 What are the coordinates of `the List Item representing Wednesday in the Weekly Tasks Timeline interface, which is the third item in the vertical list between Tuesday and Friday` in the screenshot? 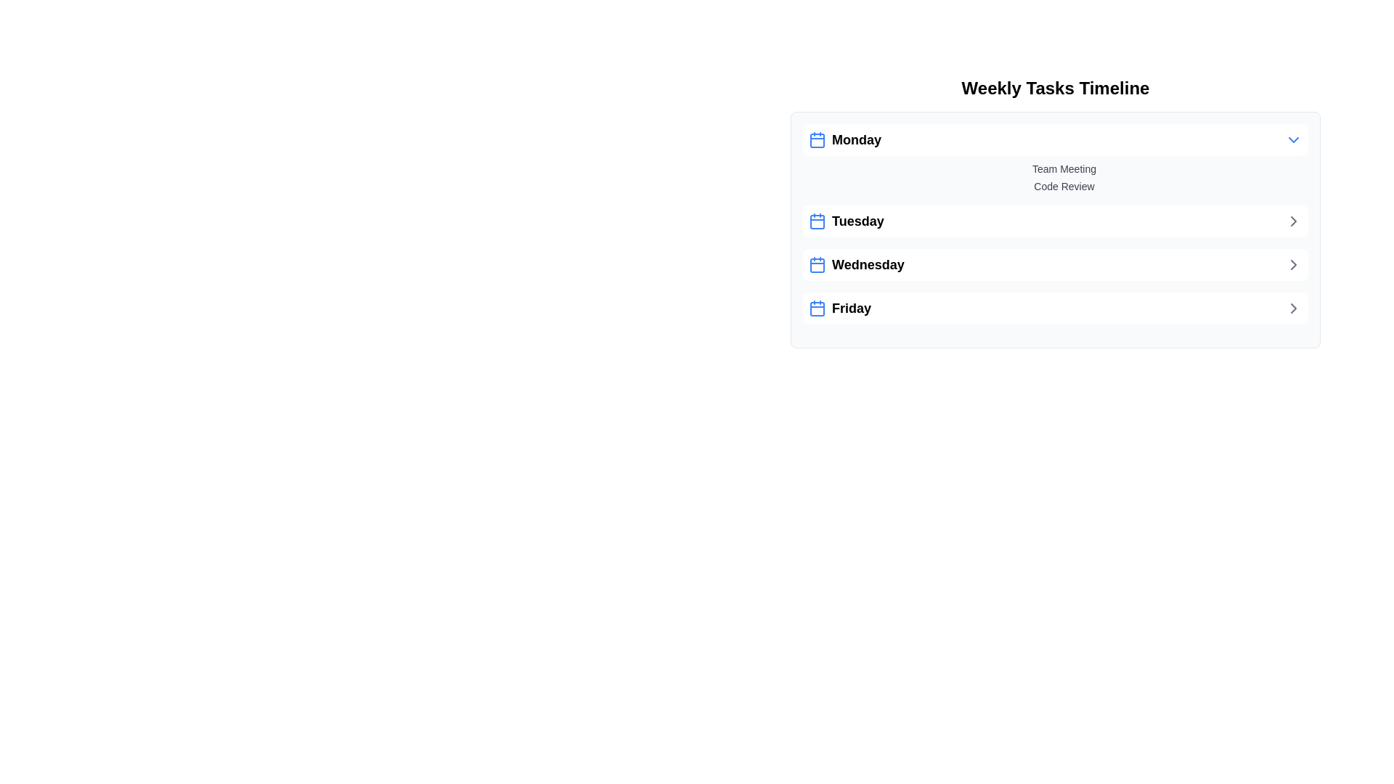 It's located at (856, 265).